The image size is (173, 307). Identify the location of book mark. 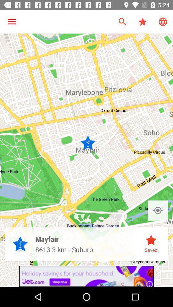
(157, 210).